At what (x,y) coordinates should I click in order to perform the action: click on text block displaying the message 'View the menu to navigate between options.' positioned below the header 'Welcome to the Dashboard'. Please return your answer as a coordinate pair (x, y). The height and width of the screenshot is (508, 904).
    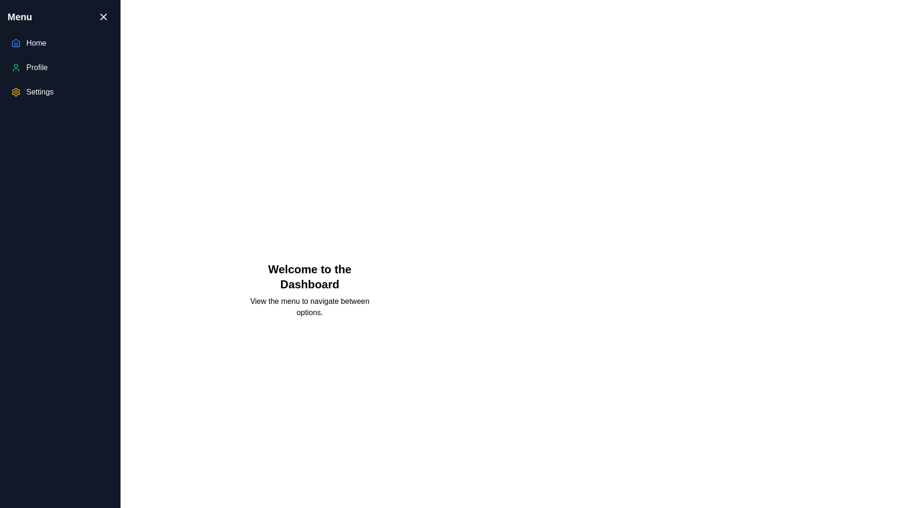
    Looking at the image, I should click on (309, 307).